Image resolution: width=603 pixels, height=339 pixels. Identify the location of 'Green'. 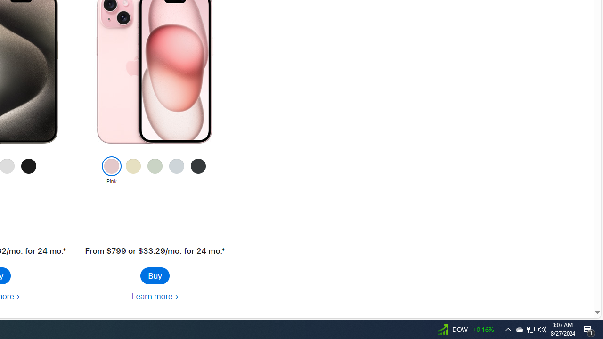
(155, 171).